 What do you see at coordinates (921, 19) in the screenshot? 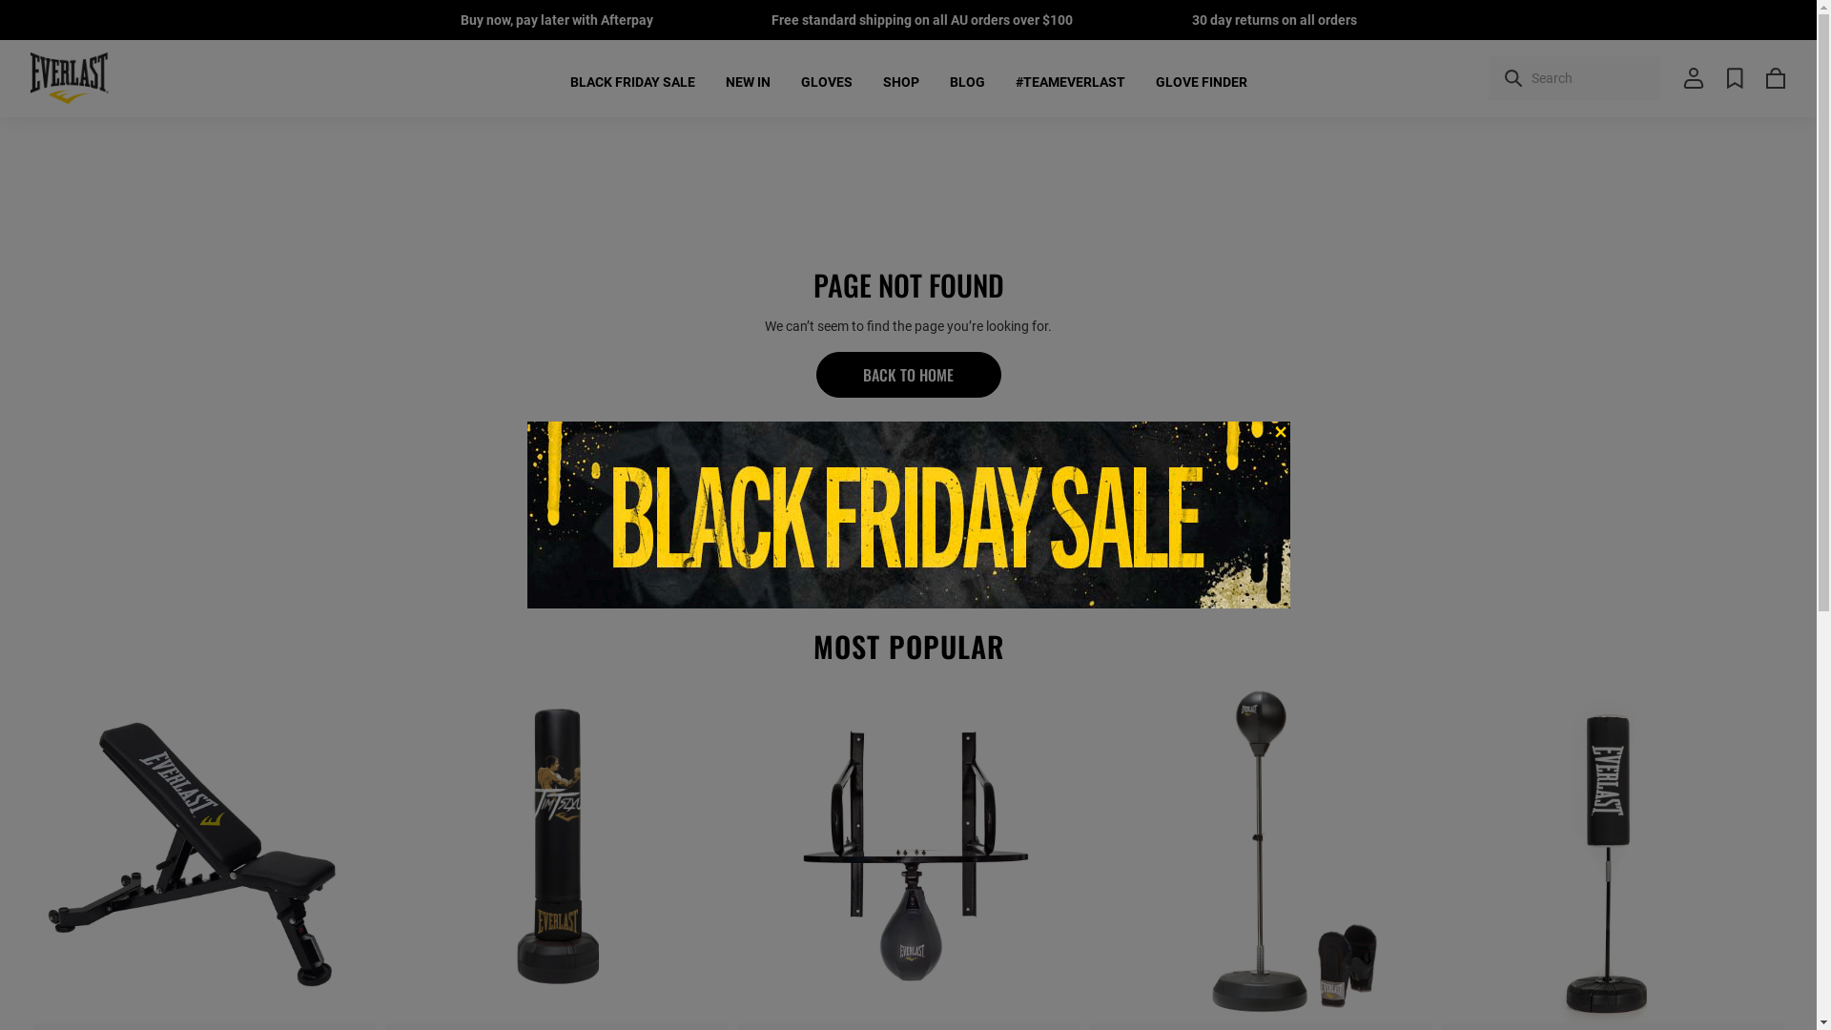
I see `'Free standard shipping on all AU orders over $100'` at bounding box center [921, 19].